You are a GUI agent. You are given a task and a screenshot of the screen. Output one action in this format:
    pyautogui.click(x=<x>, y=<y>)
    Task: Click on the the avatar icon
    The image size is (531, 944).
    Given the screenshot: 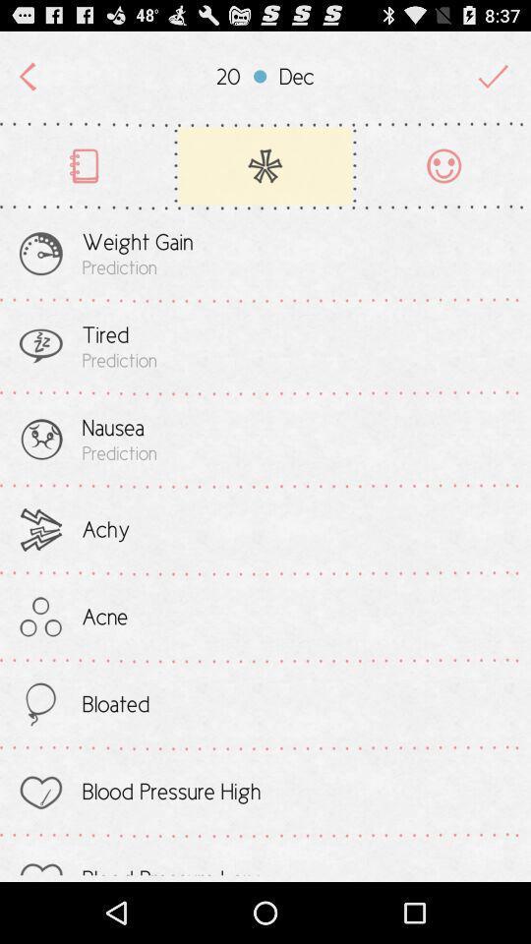 What is the action you would take?
    pyautogui.click(x=443, y=176)
    